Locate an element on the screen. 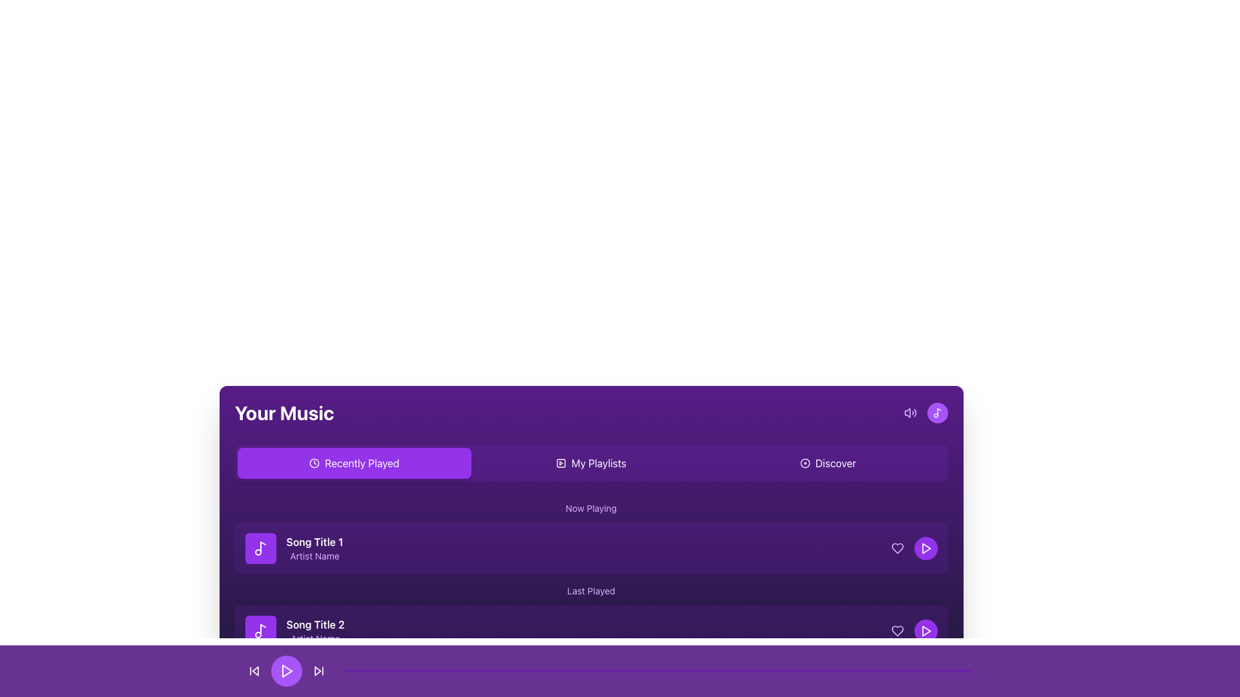  the play button styled as a triangle pointing to the right, located adjacent to 'Song Title 2' in the music playlist interface to initiate playback is located at coordinates (925, 631).